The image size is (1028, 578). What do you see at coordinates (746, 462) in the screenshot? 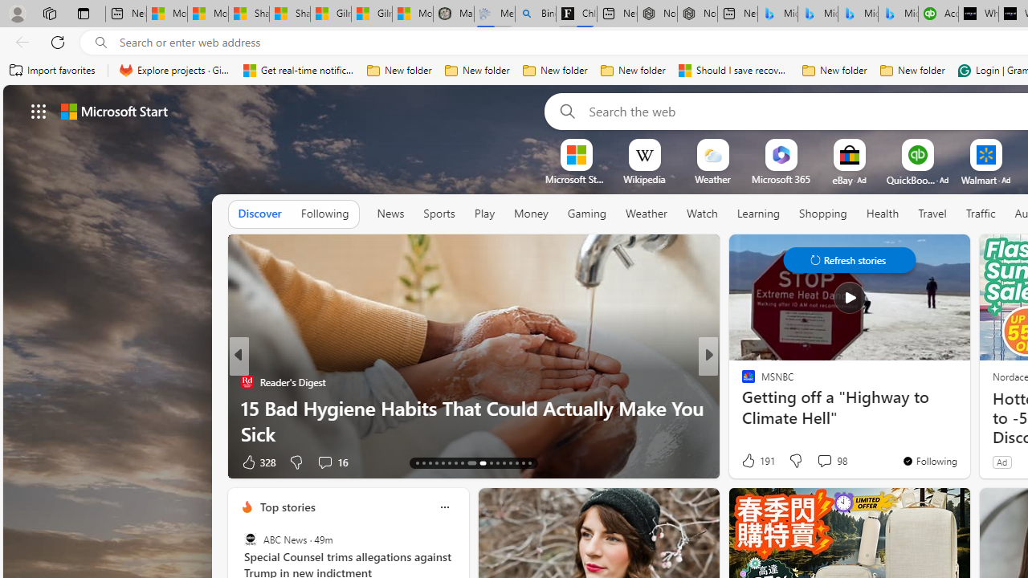
I see `'2 Like'` at bounding box center [746, 462].